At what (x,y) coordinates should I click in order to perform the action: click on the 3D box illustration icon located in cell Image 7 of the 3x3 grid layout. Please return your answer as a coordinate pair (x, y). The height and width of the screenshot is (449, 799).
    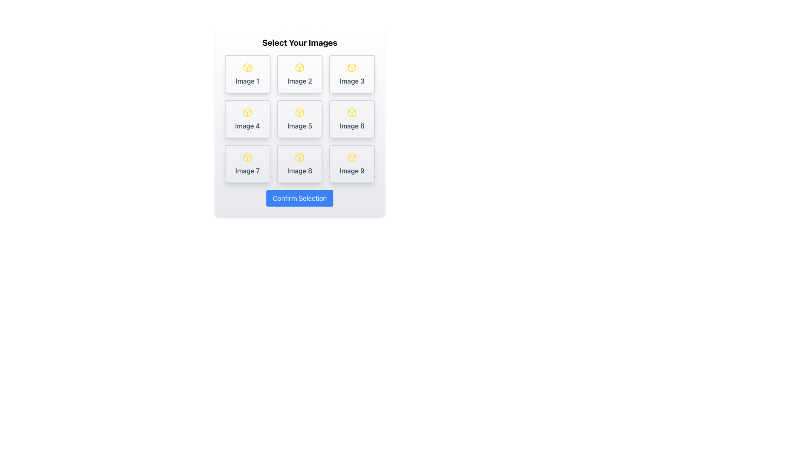
    Looking at the image, I should click on (247, 157).